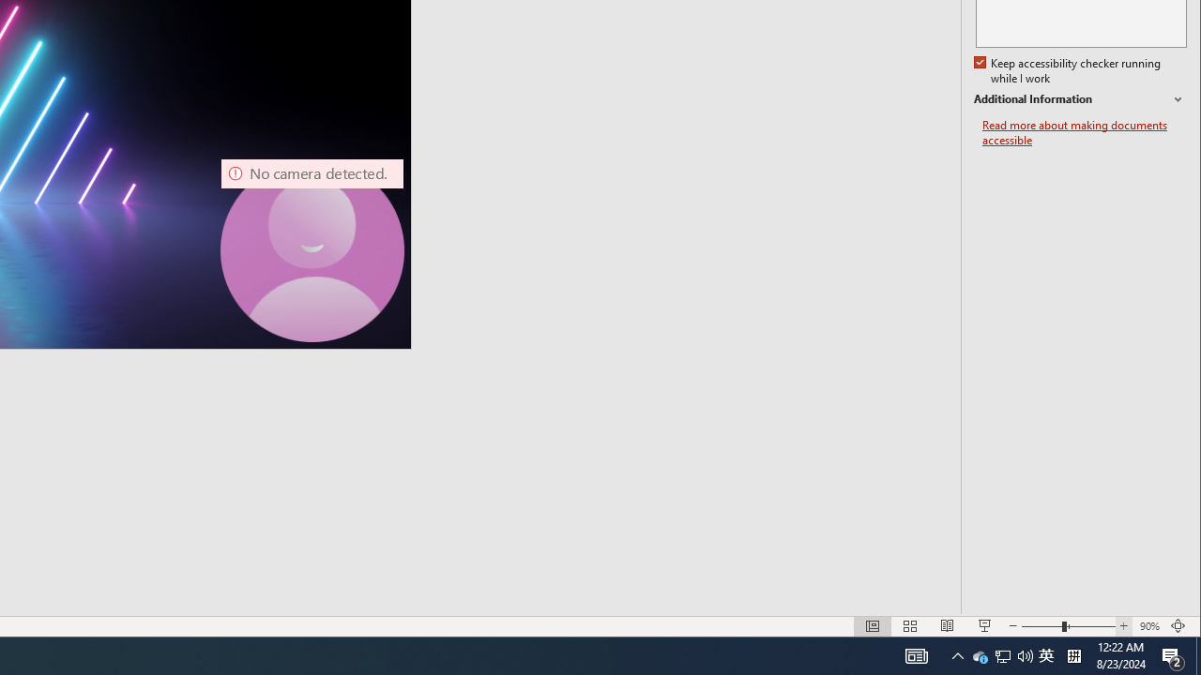  I want to click on 'Zoom 90%', so click(1148, 626).